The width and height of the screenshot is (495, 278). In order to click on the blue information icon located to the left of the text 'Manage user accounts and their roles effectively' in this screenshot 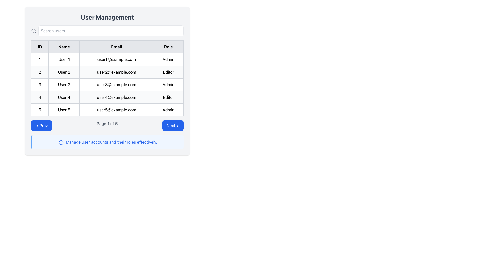, I will do `click(61, 142)`.